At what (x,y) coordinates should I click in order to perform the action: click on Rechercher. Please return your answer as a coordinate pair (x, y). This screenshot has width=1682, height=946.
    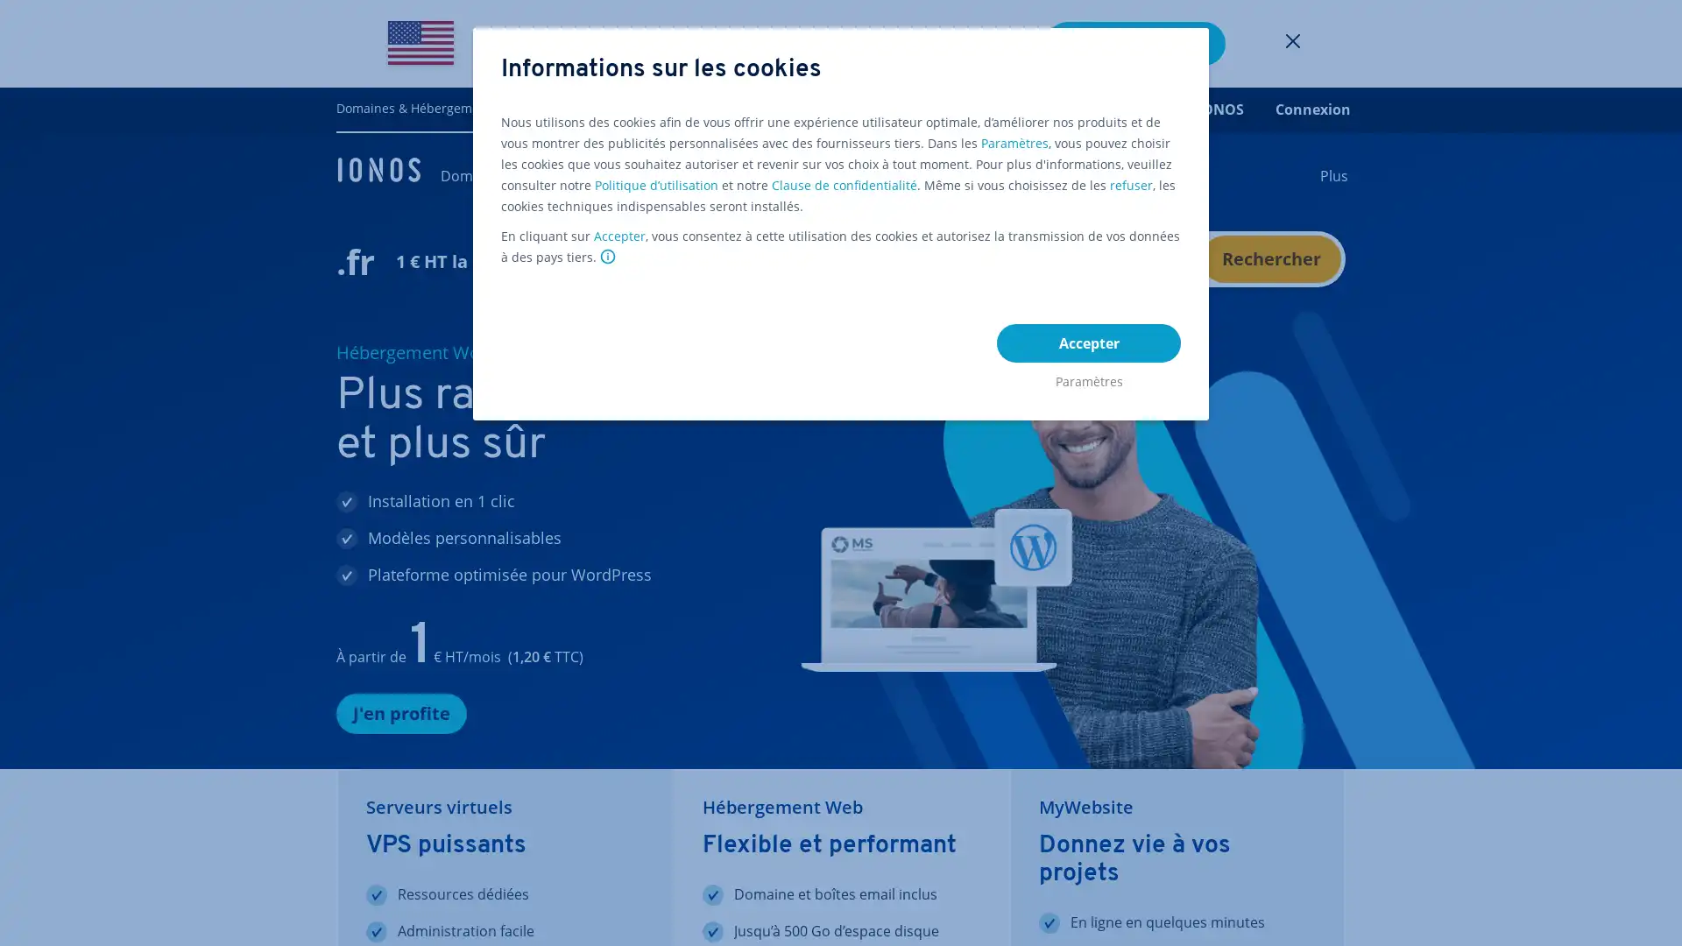
    Looking at the image, I should click on (1270, 259).